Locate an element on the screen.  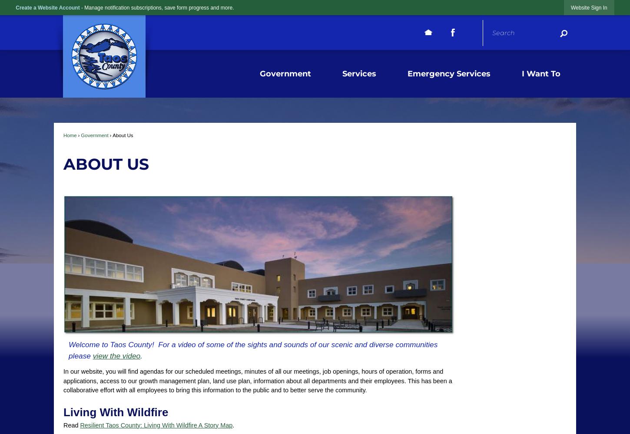
'Read' is located at coordinates (71, 424).